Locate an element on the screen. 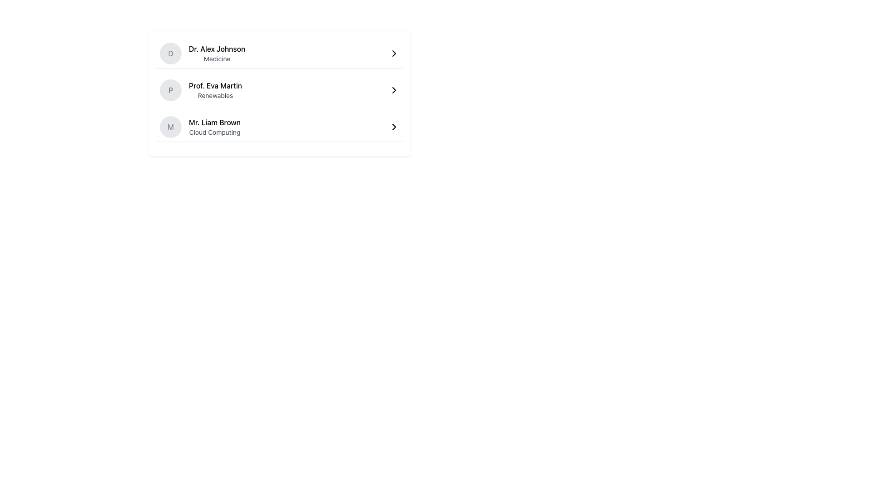  the Chevron symbol located to the far right of the 'Prof. Eva Martin' label is located at coordinates (394, 90).